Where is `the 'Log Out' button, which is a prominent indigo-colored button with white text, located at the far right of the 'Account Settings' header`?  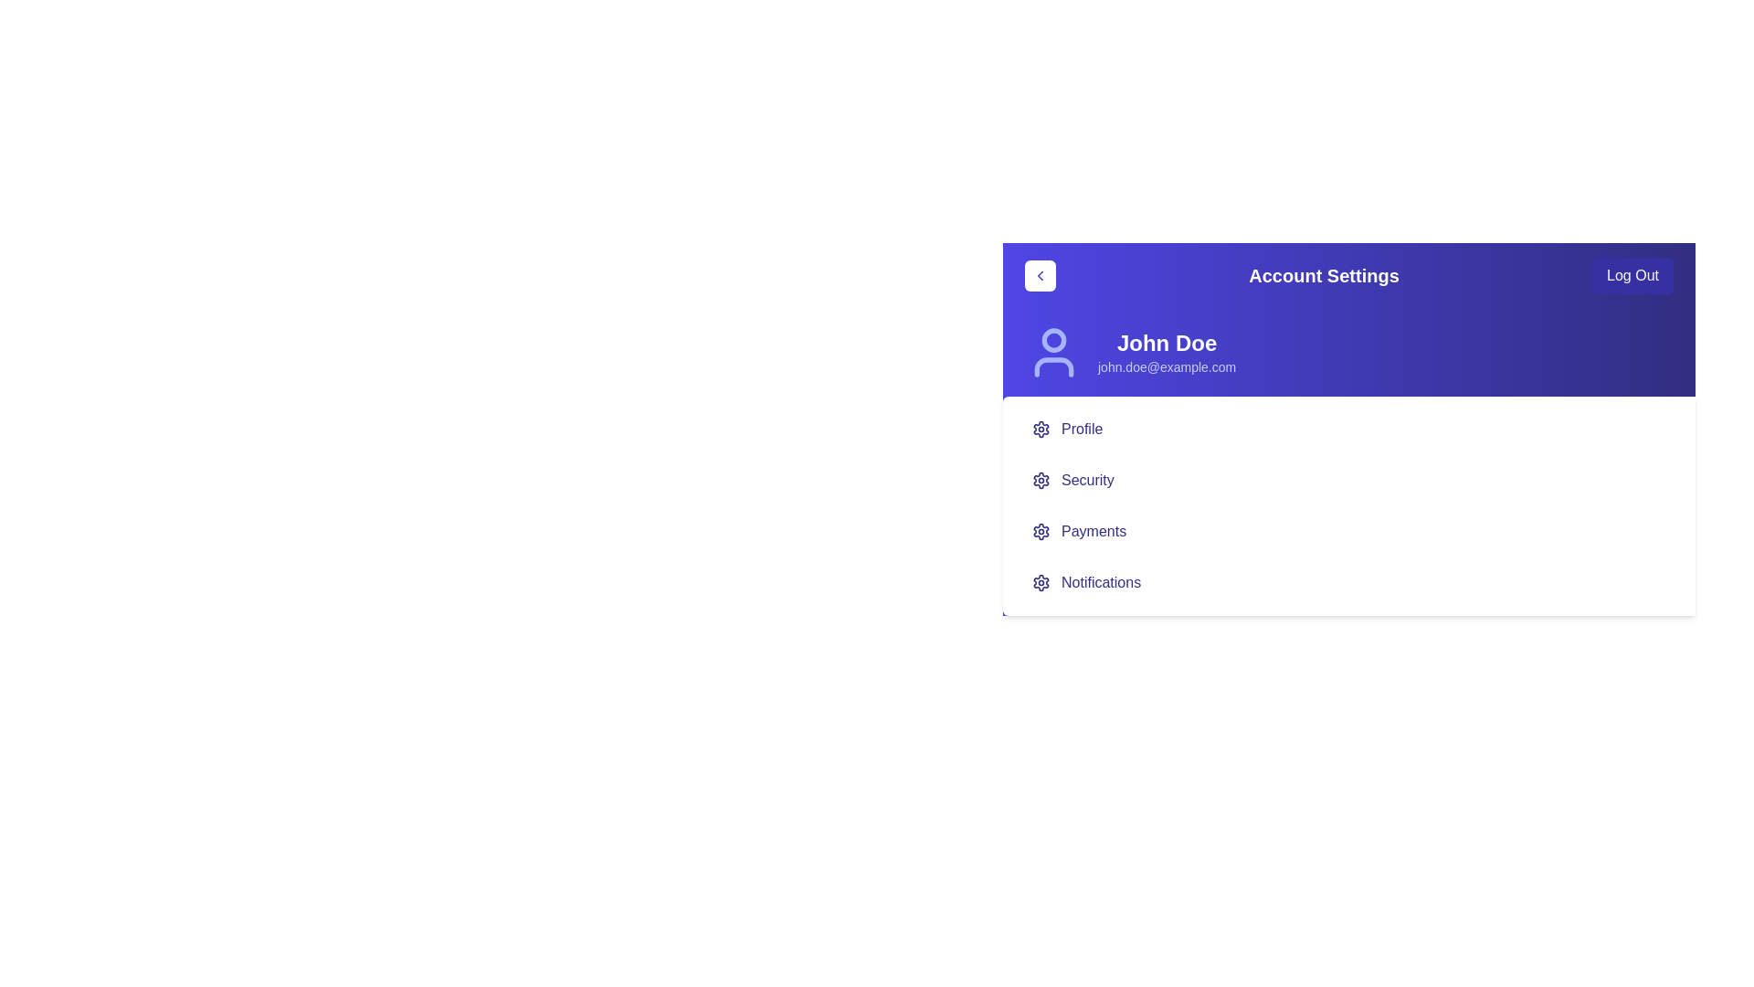
the 'Log Out' button, which is a prominent indigo-colored button with white text, located at the far right of the 'Account Settings' header is located at coordinates (1632, 275).